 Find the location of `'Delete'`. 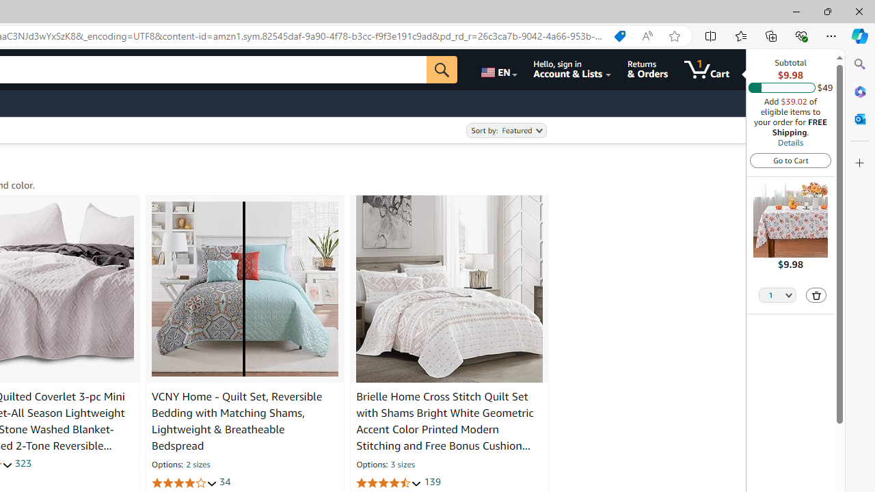

'Delete' is located at coordinates (816, 294).